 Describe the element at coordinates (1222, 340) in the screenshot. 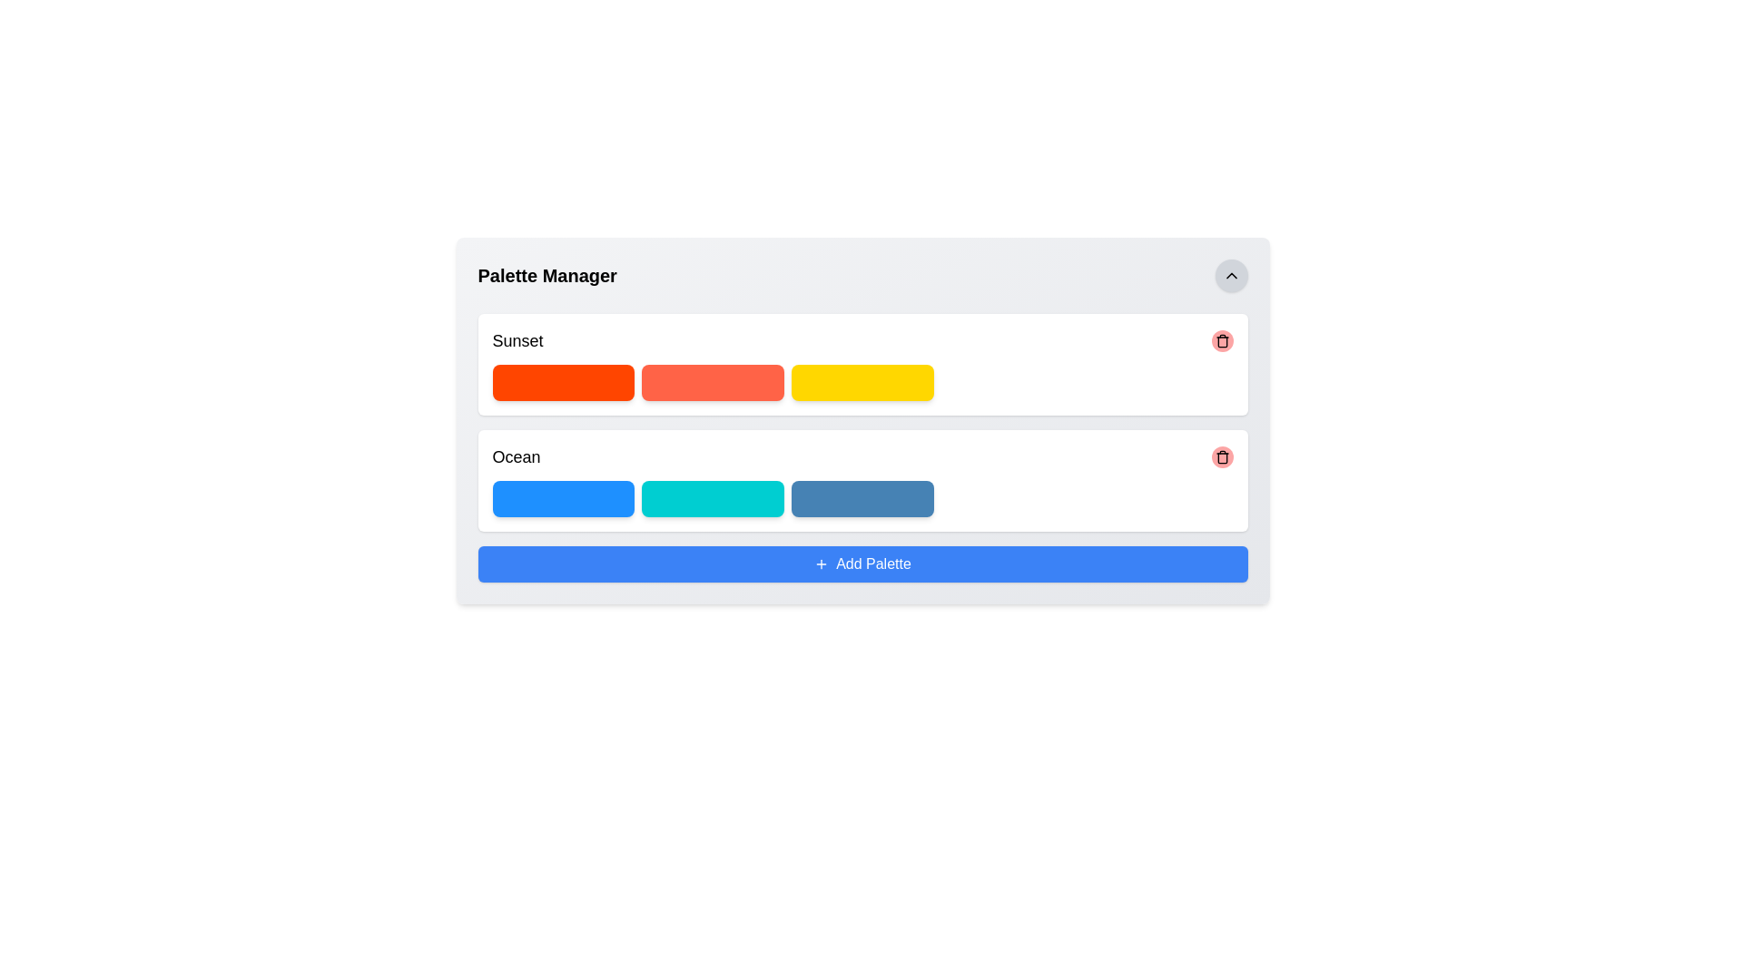

I see `the delete icon button located at the top-right corner of the 'Sunset' palette group` at that location.